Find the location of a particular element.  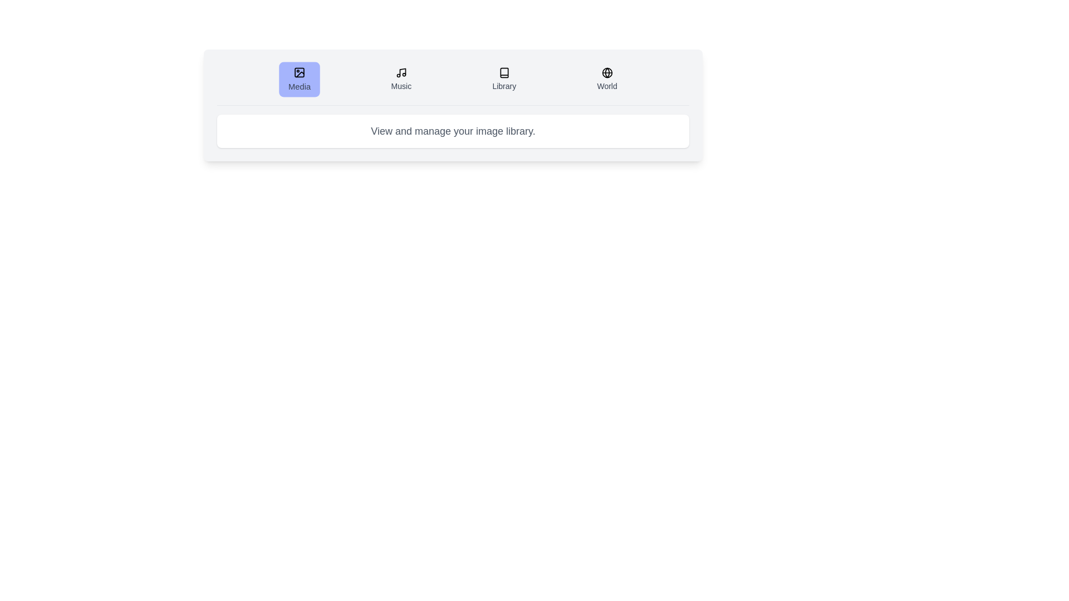

the tab labeled Library is located at coordinates (503, 78).